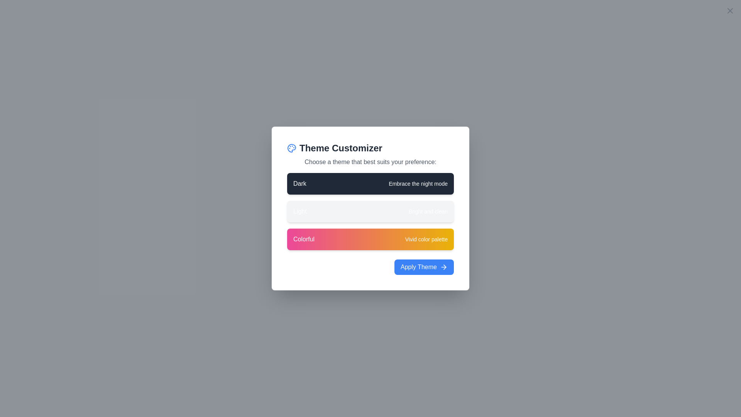 The image size is (741, 417). I want to click on the rectangular button with a gradient background labeled 'Colorful', so click(370, 239).